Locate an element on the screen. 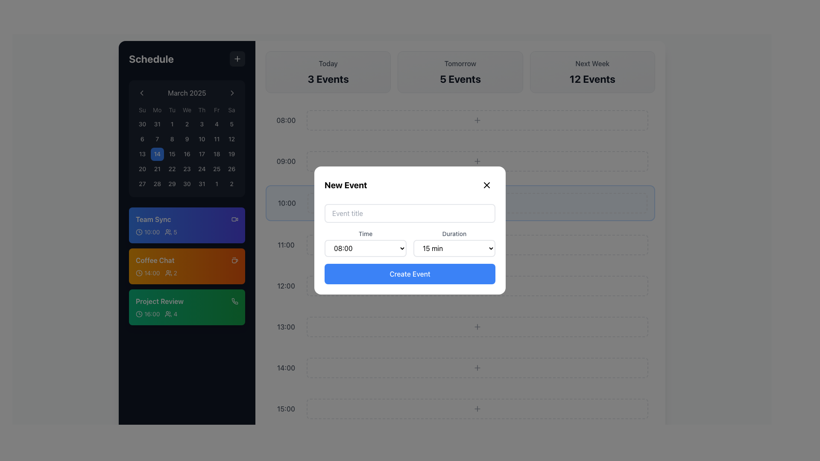 The height and width of the screenshot is (461, 820). the interactive placeholder button for the 08:00 time block to create a new entry is located at coordinates (477, 120).